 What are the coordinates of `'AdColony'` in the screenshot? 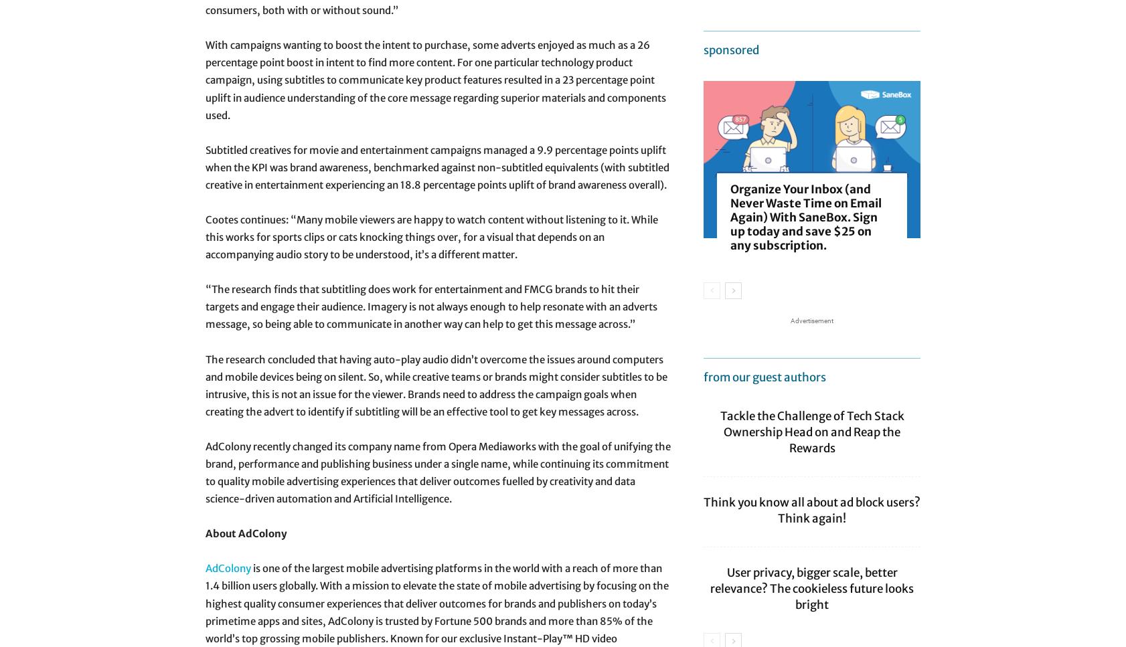 It's located at (227, 568).